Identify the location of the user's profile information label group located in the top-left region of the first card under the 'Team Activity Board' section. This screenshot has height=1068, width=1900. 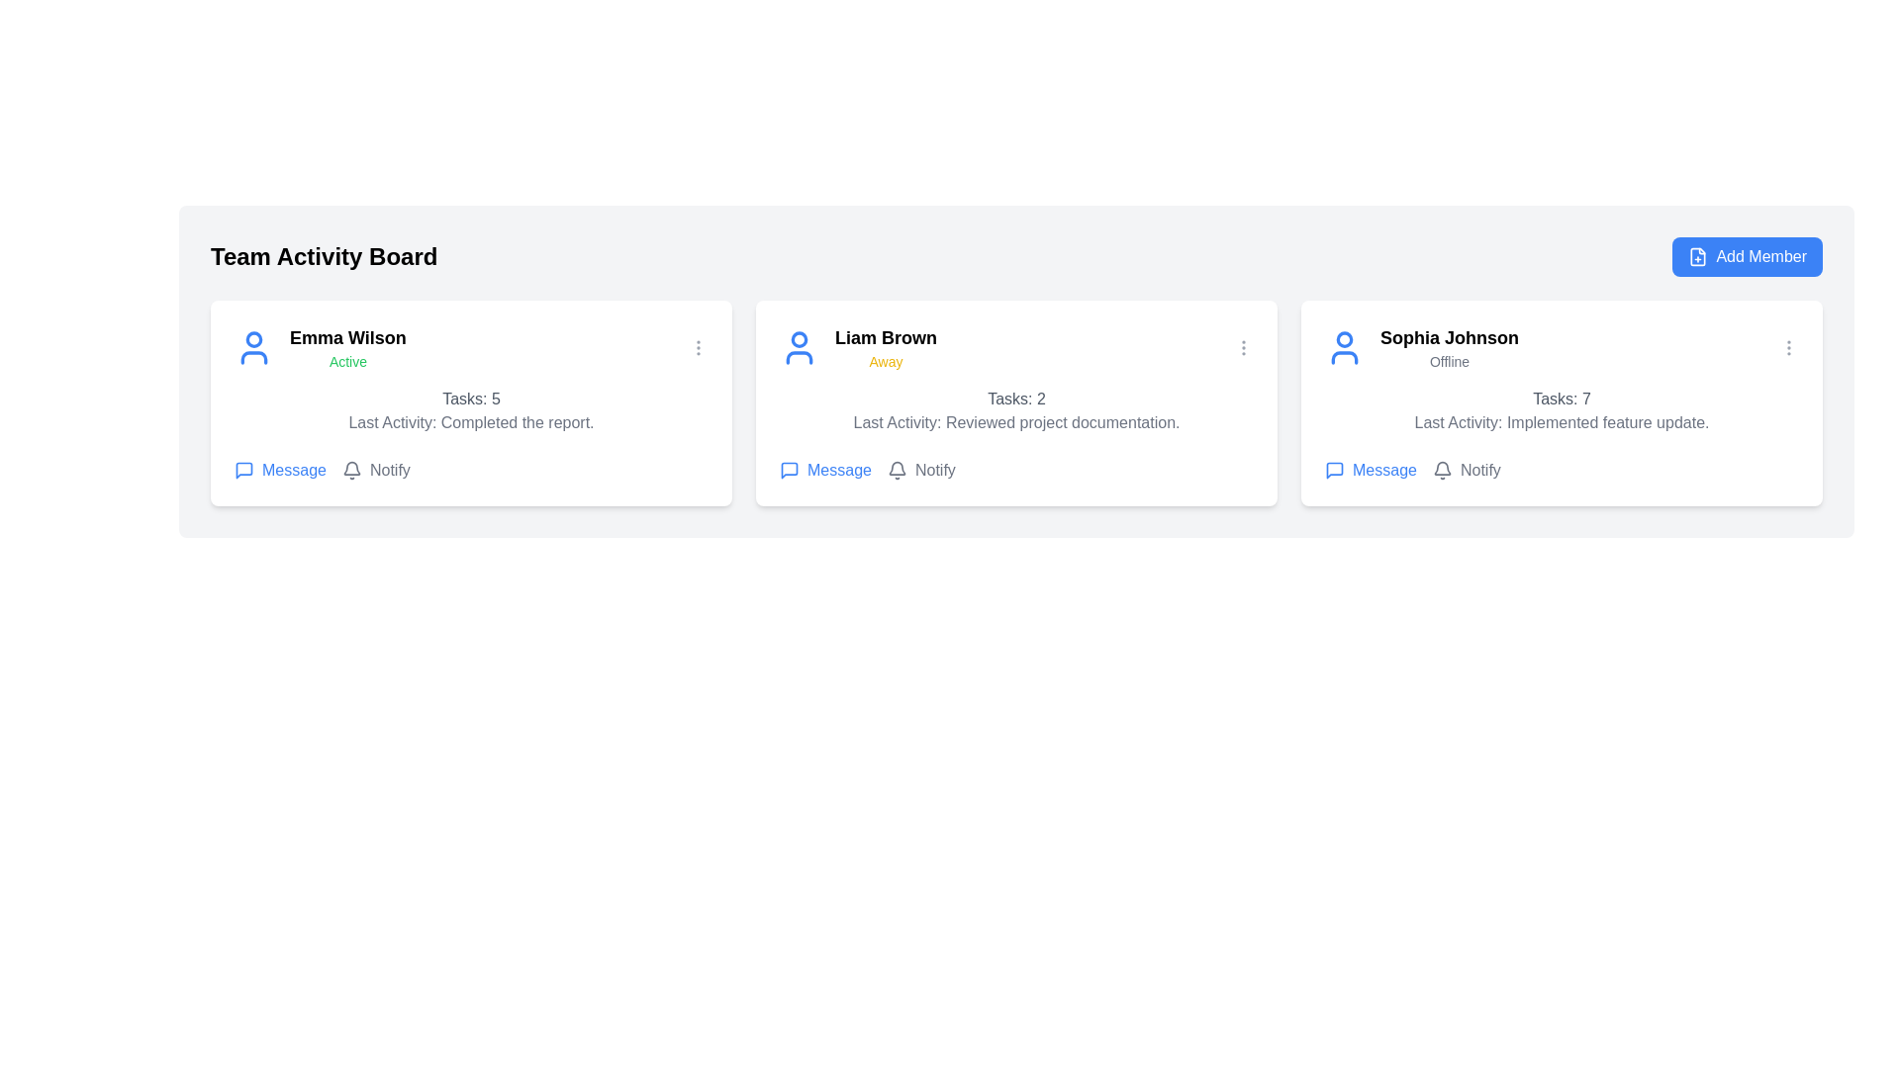
(320, 346).